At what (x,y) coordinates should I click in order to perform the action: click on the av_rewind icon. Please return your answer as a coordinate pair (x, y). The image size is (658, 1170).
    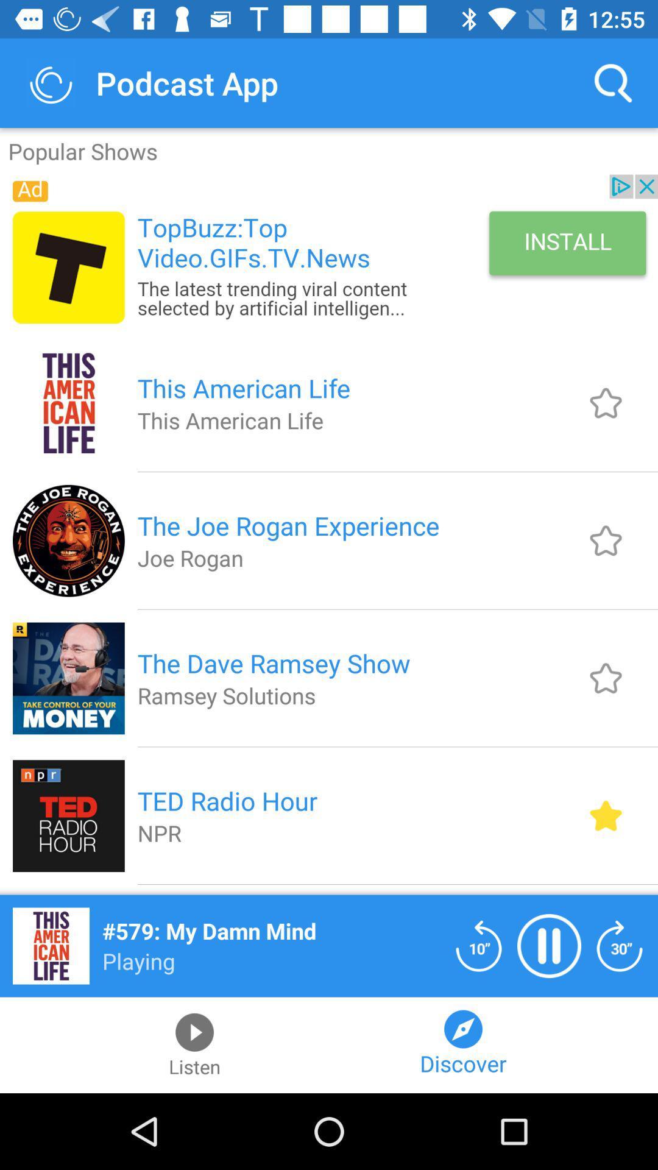
    Looking at the image, I should click on (478, 945).